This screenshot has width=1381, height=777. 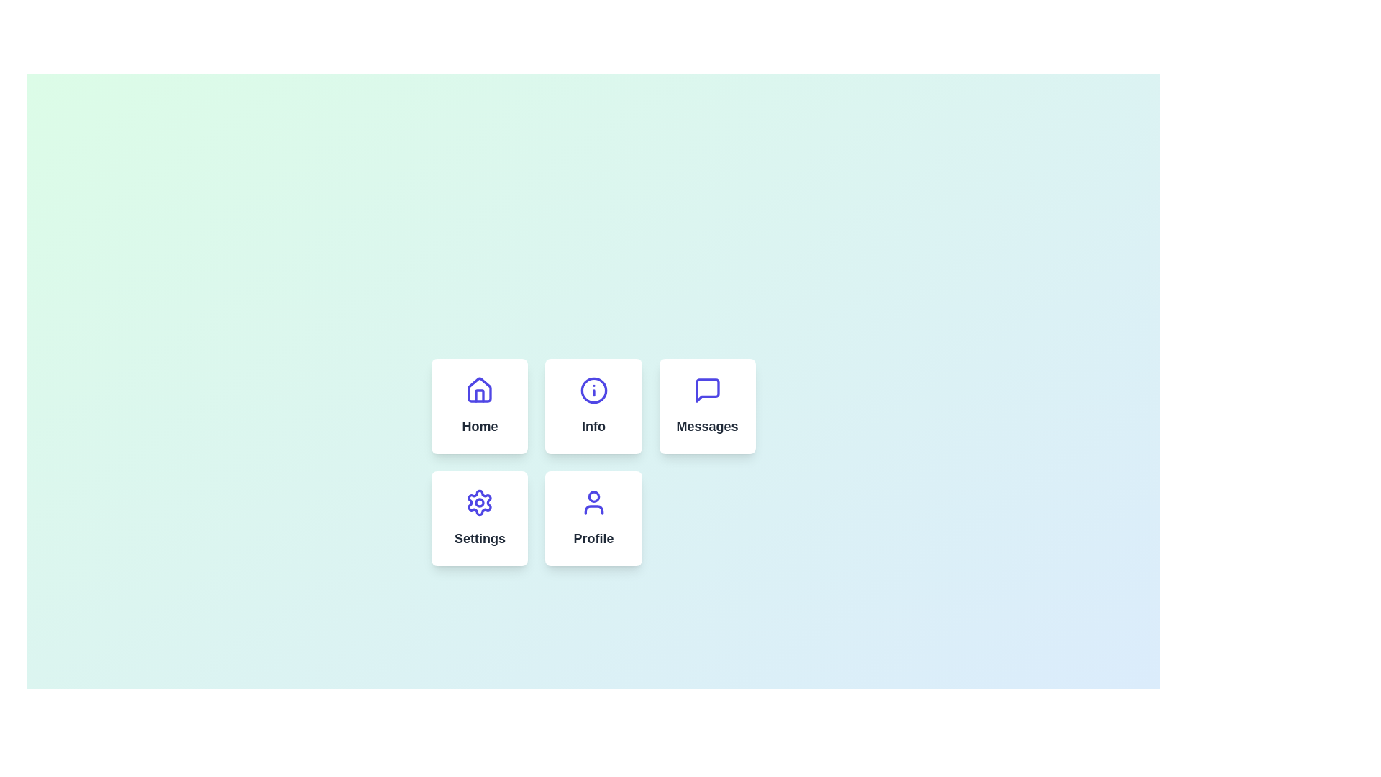 What do you see at coordinates (480, 519) in the screenshot?
I see `the settings button in the grid layout` at bounding box center [480, 519].